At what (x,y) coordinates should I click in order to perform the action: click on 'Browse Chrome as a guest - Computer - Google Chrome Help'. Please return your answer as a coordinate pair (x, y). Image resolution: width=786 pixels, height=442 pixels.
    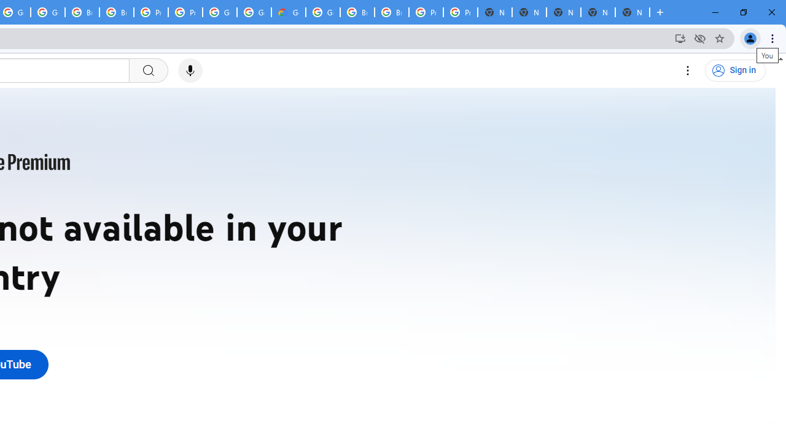
    Looking at the image, I should click on (357, 12).